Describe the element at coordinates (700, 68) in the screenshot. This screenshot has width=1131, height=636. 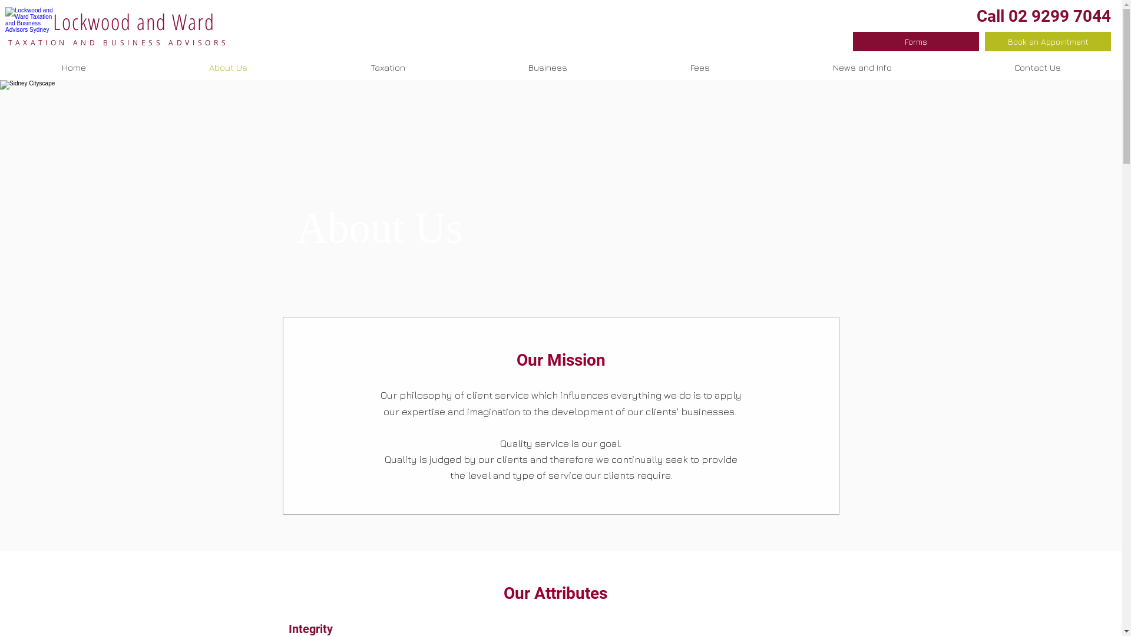
I see `'Fees'` at that location.